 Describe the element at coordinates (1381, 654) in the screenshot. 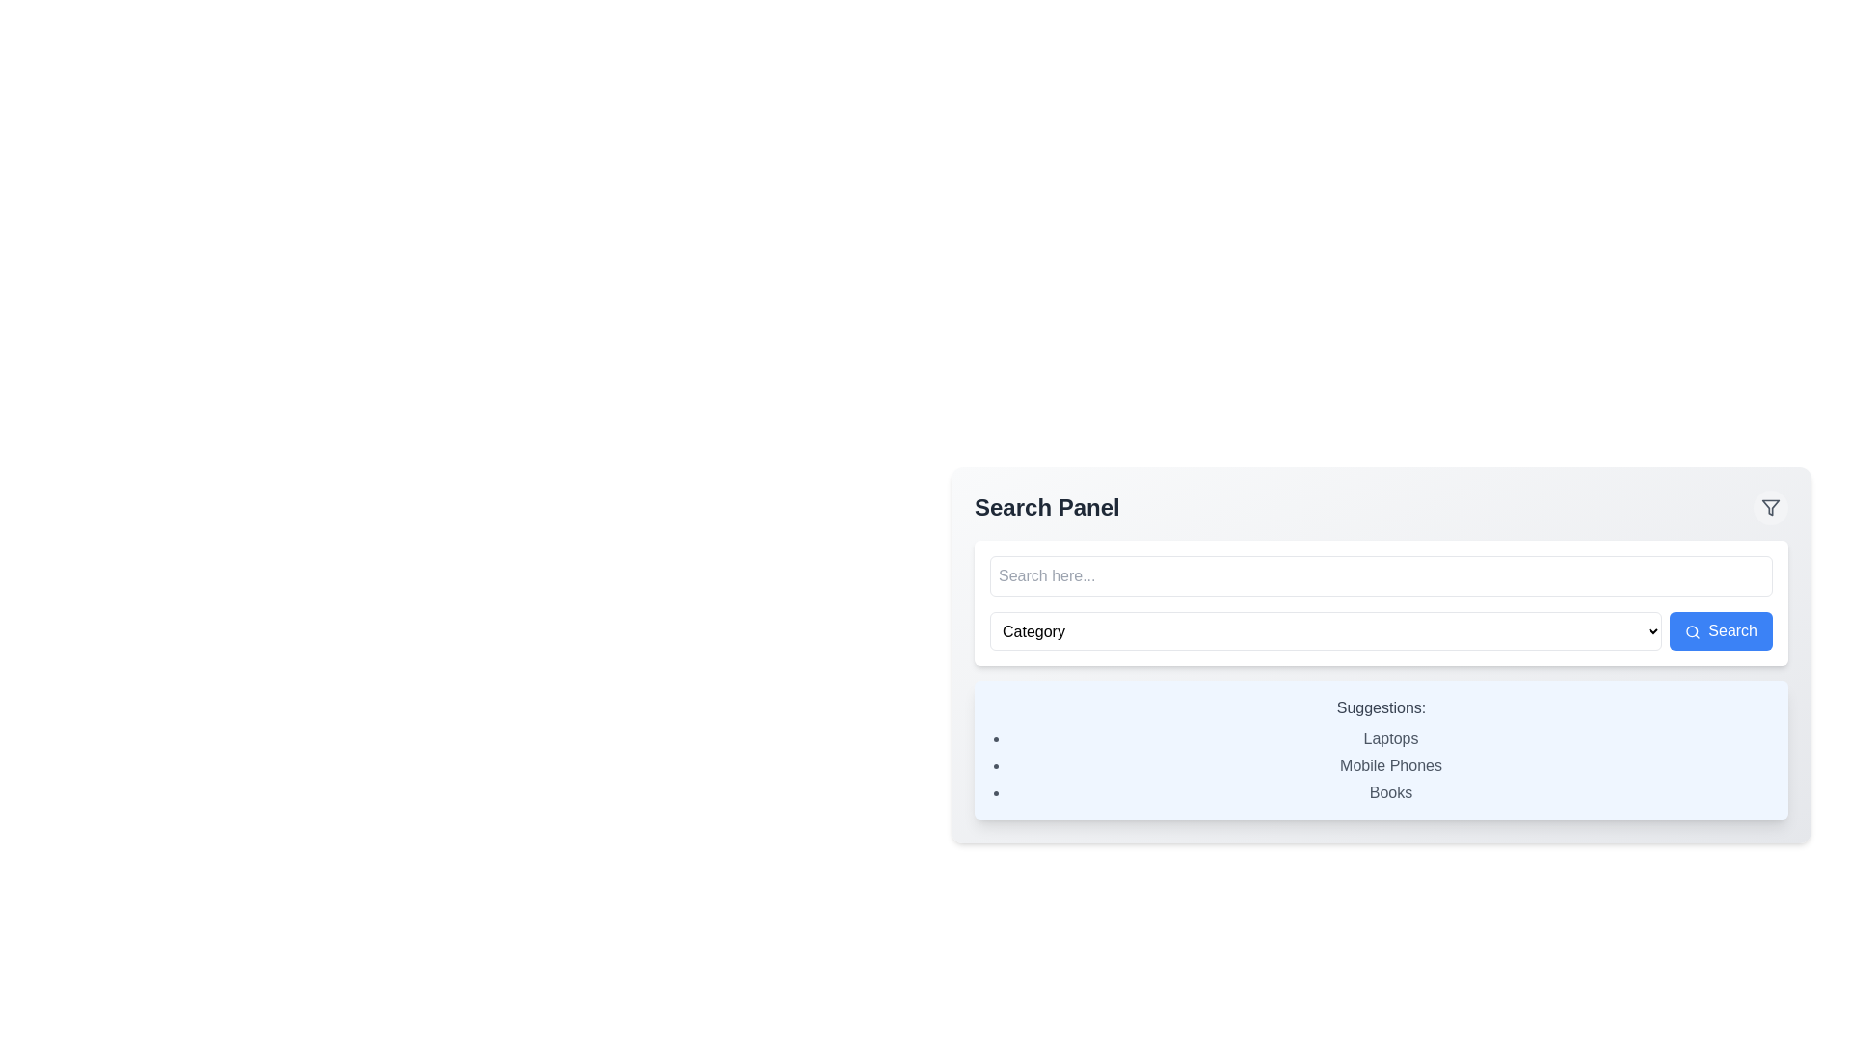

I see `the 'Search Panel' element, which is a centrally located panel with a gradient background and rounded corners` at that location.